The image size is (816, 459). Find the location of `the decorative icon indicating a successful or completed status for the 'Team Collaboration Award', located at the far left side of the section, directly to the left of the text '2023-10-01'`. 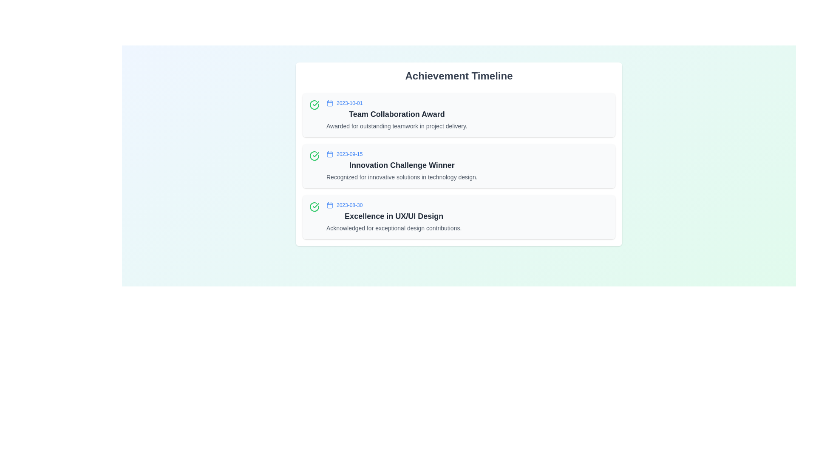

the decorative icon indicating a successful or completed status for the 'Team Collaboration Award', located at the far left side of the section, directly to the left of the text '2023-10-01' is located at coordinates (314, 104).